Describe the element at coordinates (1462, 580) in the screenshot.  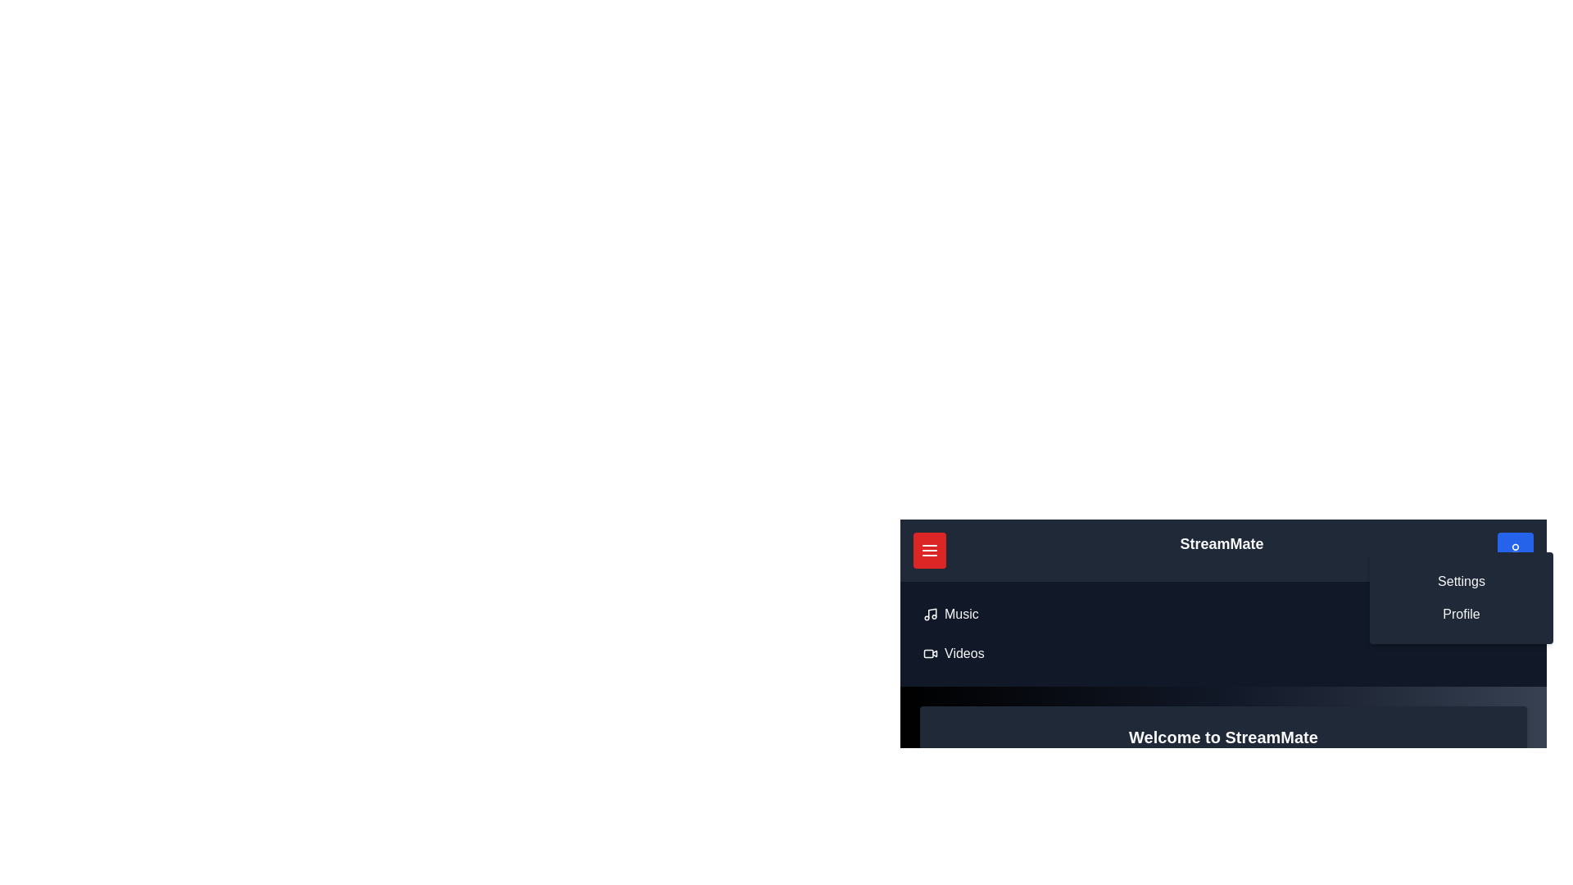
I see `the 'Settings' option in the profile menu` at that location.